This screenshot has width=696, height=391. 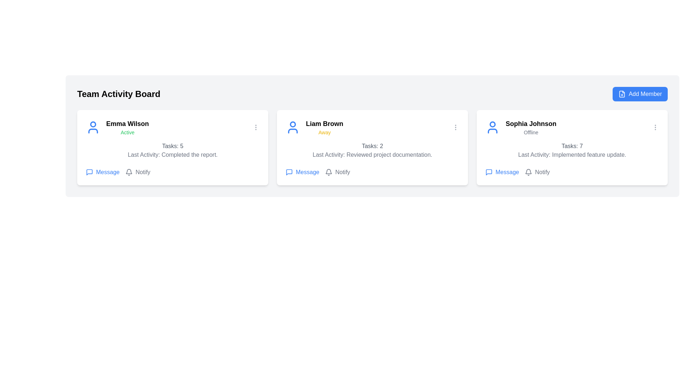 What do you see at coordinates (119, 93) in the screenshot?
I see `the heading element labeled 'Team Activity Board' that provides context for the section or page` at bounding box center [119, 93].